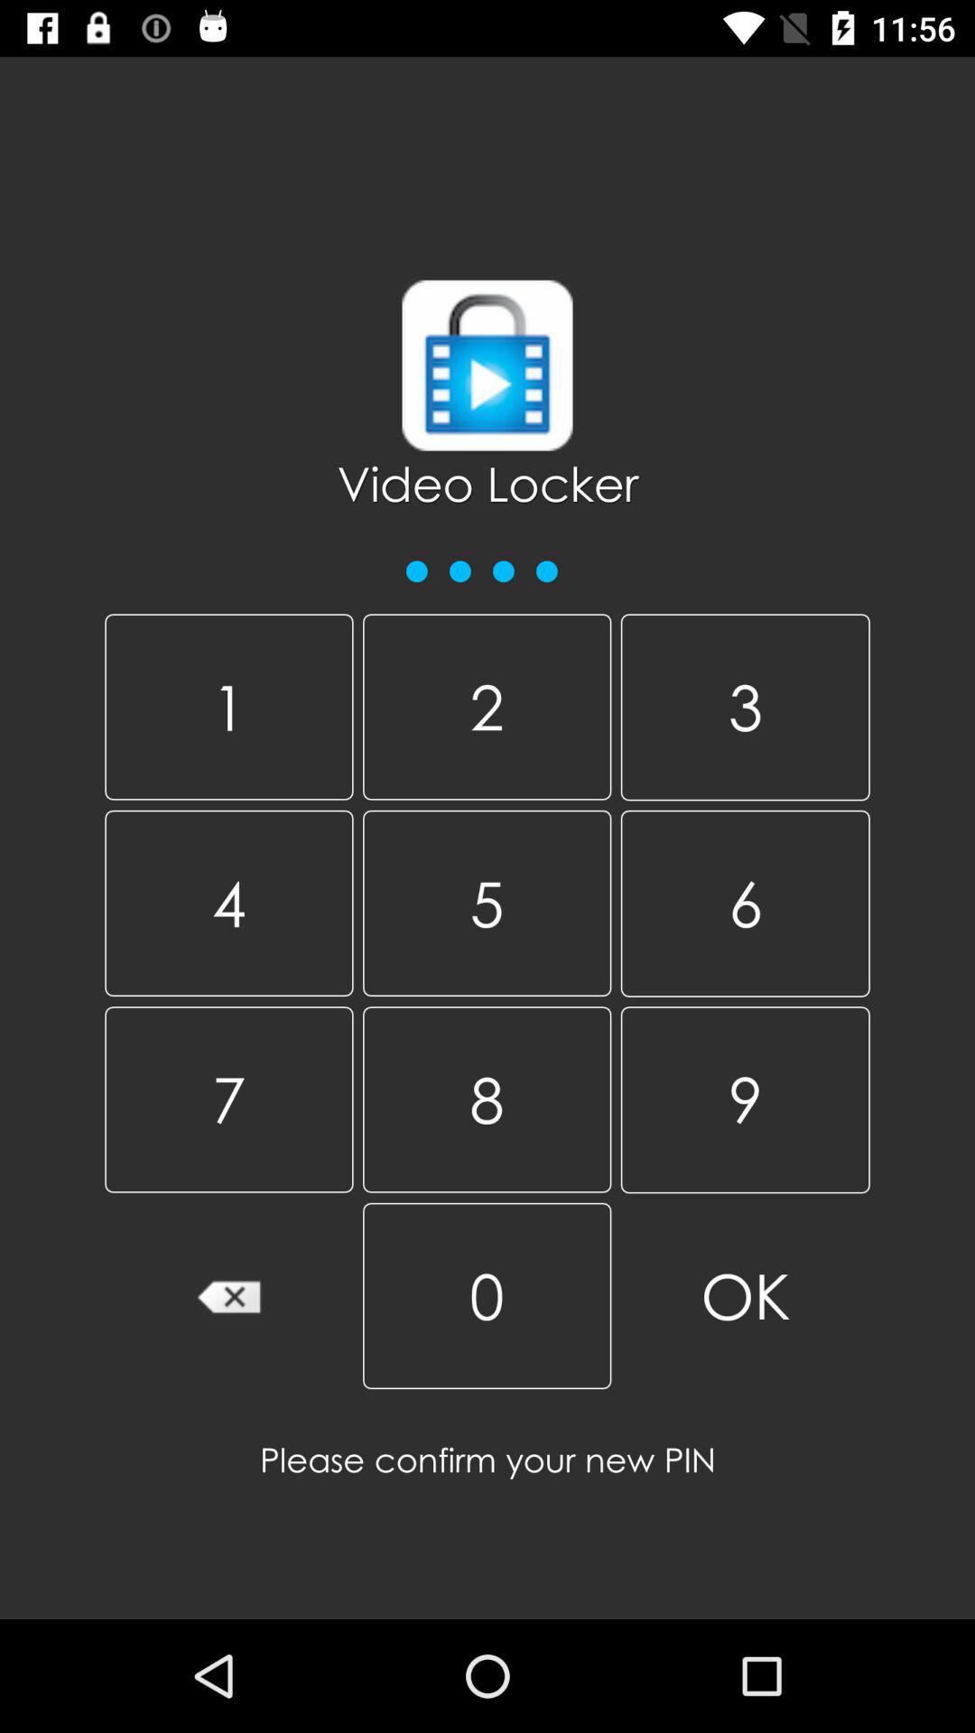  Describe the element at coordinates (745, 904) in the screenshot. I see `6 icon` at that location.